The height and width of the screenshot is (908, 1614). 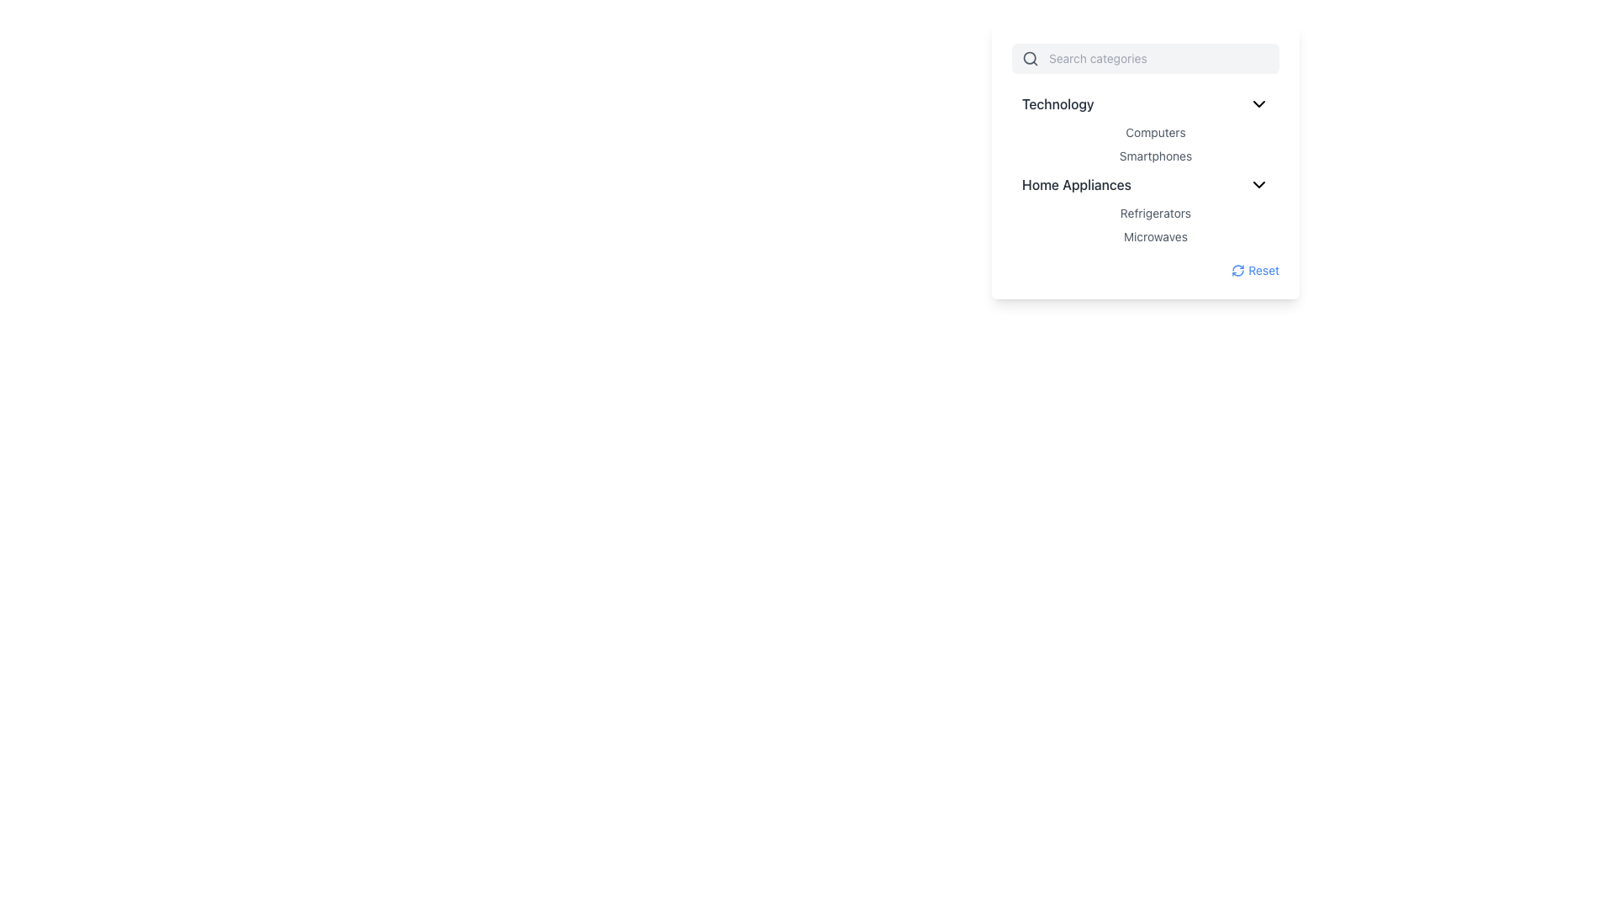 I want to click on the Text label that categorizes content related to smartphones, located under the 'Technology' category, positioned between 'Computers' and 'Home Appliances', so click(x=1145, y=161).